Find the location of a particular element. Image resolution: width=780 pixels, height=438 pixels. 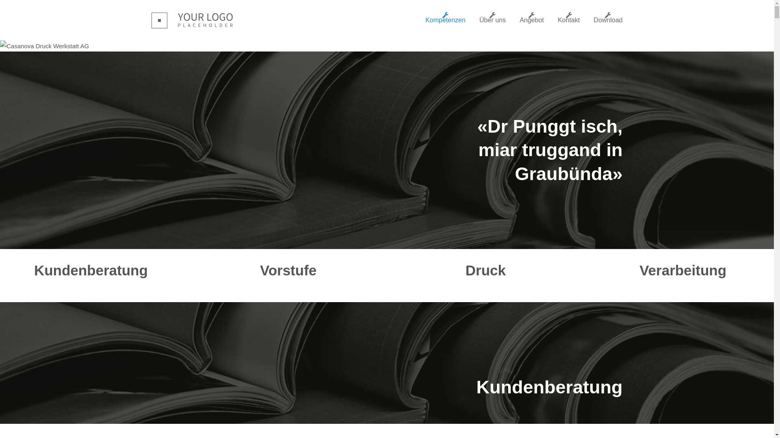

'Download' is located at coordinates (593, 20).